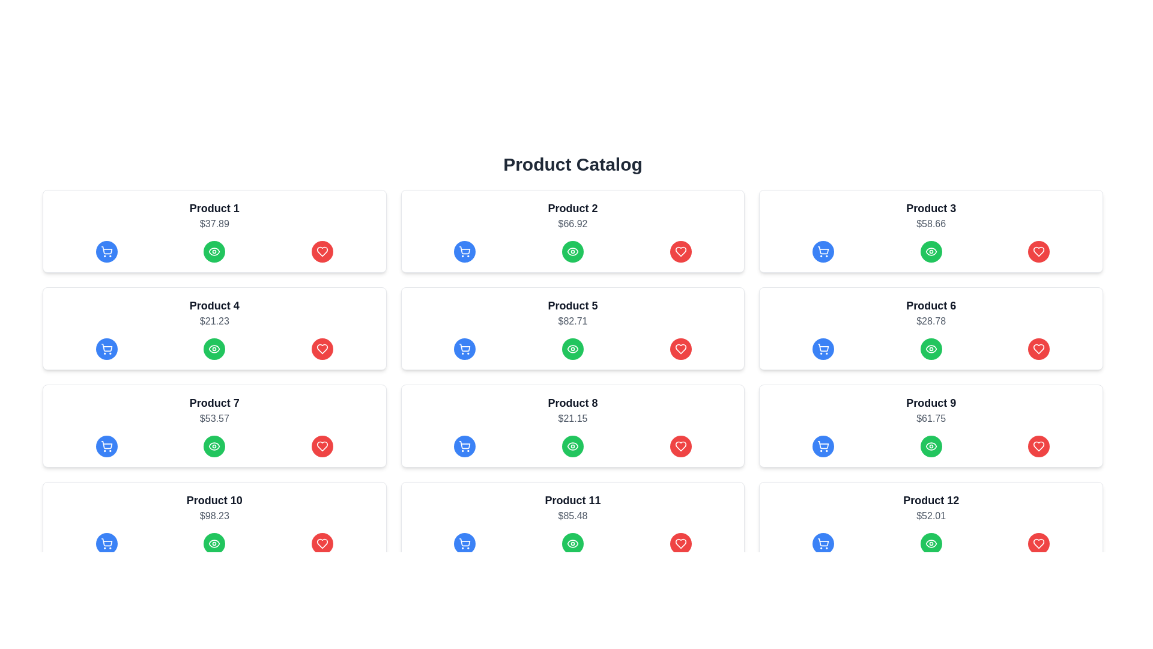 The image size is (1153, 649). Describe the element at coordinates (464, 446) in the screenshot. I see `the 'Add to Cart' button for Product 8` at that location.